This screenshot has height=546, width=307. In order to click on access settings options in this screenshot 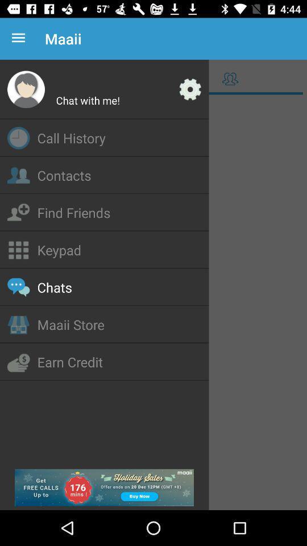, I will do `click(190, 89)`.